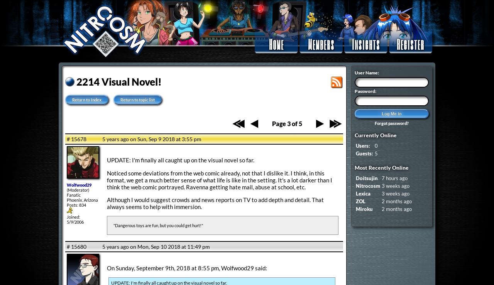 The height and width of the screenshot is (285, 494). Describe the element at coordinates (364, 208) in the screenshot. I see `'Miroku'` at that location.